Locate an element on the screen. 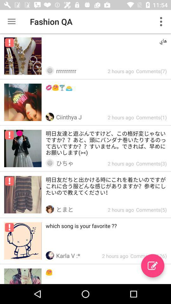 This screenshot has width=171, height=304. write new post is located at coordinates (152, 266).